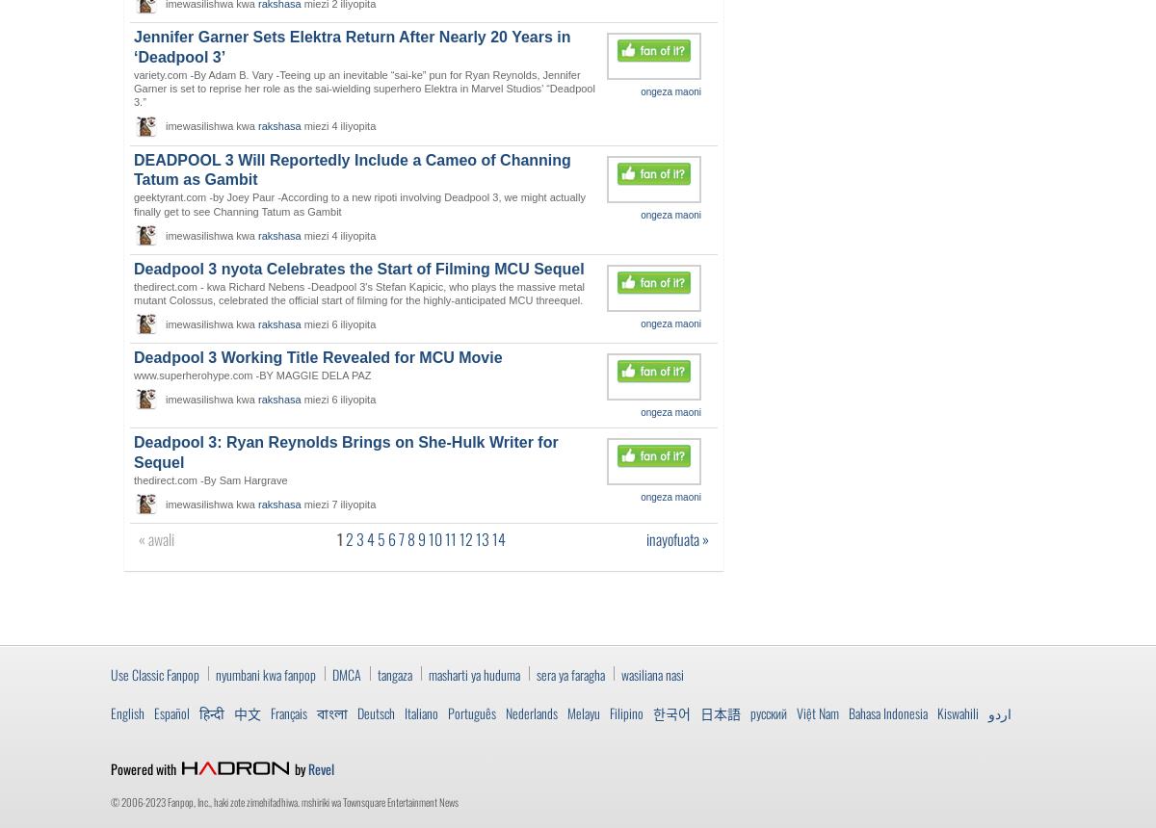  What do you see at coordinates (127, 711) in the screenshot?
I see `'English'` at bounding box center [127, 711].